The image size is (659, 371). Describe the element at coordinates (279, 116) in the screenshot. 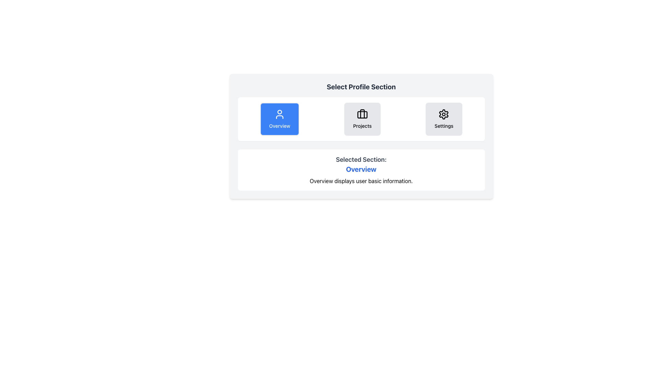

I see `the arc or semi-circular shape of the user profile icon located in the selection menu row, above the 'Overview' label` at that location.